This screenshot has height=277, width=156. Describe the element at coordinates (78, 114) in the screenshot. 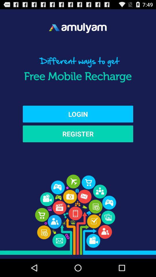

I see `the login icon` at that location.